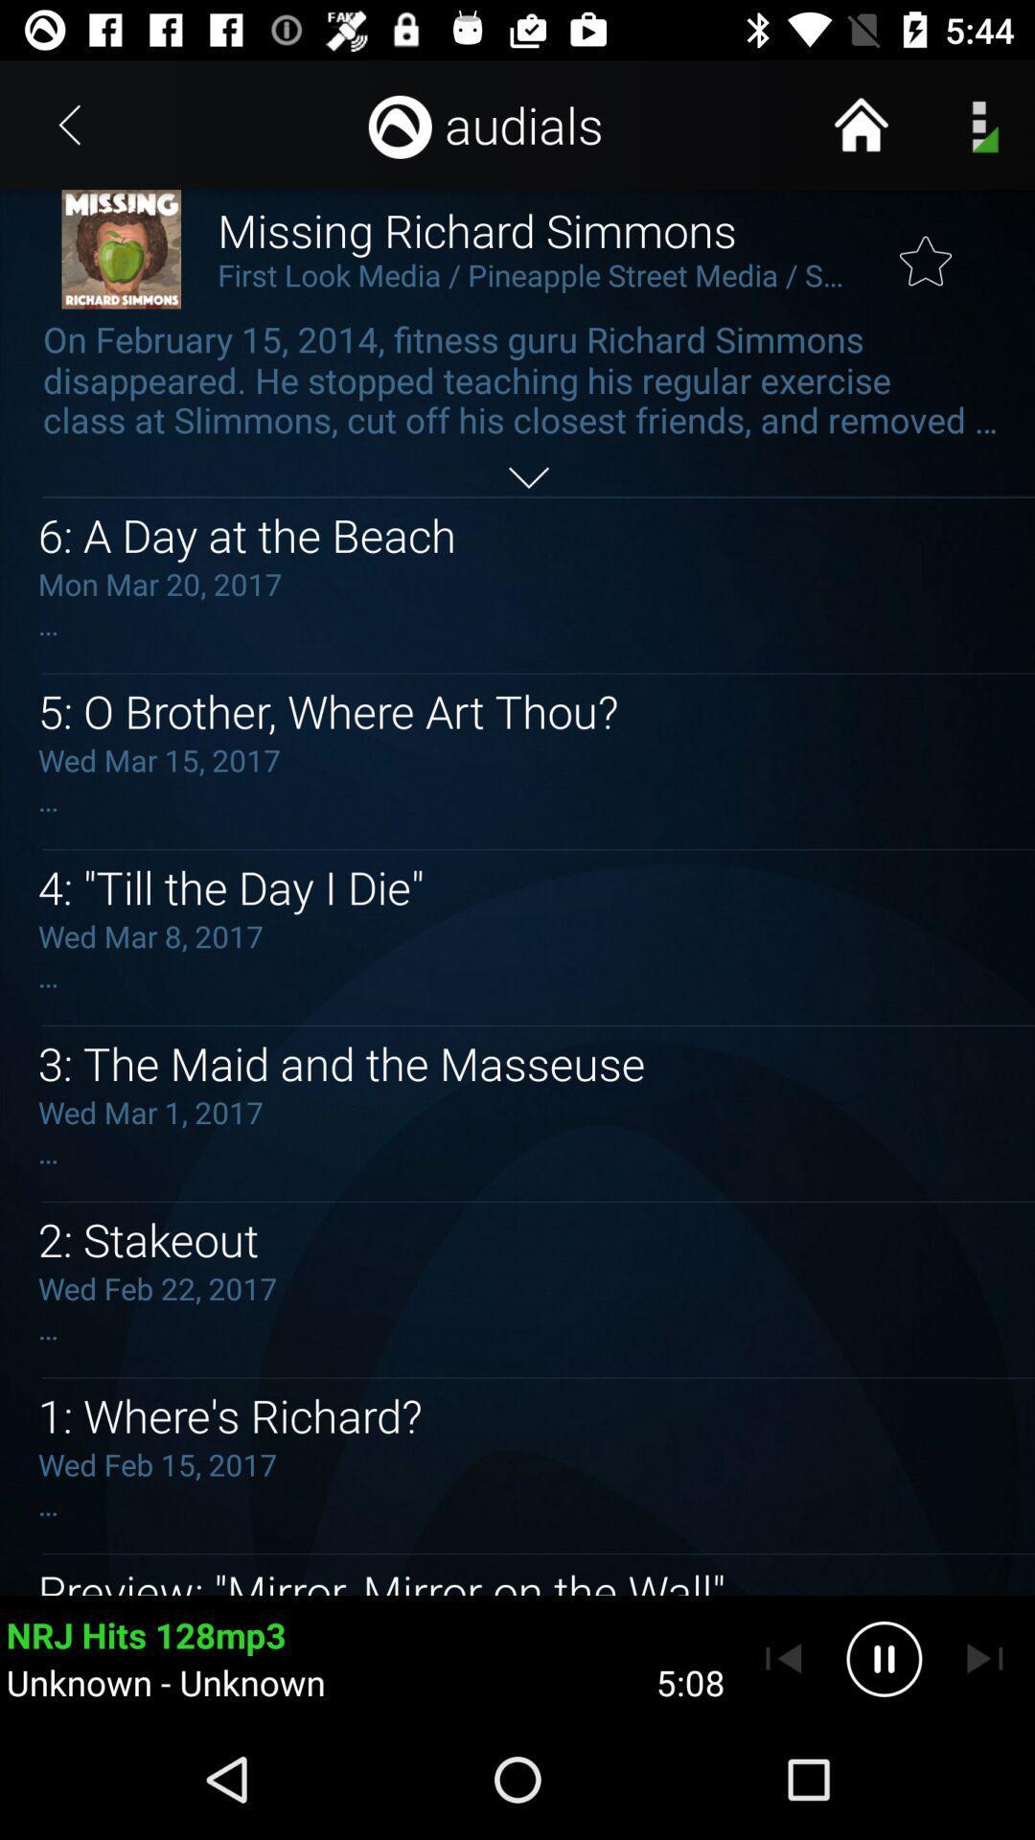 Image resolution: width=1035 pixels, height=1840 pixels. What do you see at coordinates (860, 124) in the screenshot?
I see `home page` at bounding box center [860, 124].